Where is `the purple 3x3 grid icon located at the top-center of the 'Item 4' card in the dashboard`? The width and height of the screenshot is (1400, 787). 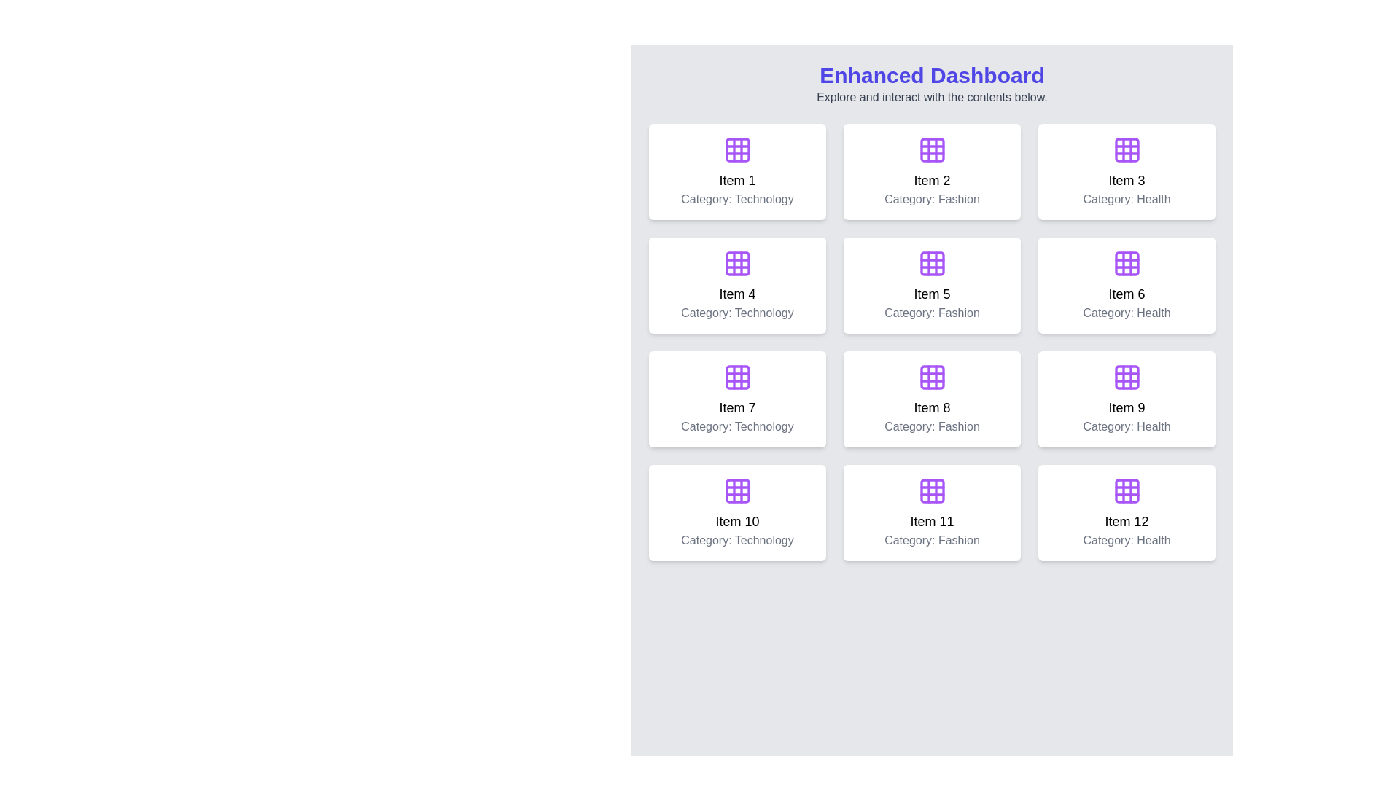
the purple 3x3 grid icon located at the top-center of the 'Item 4' card in the dashboard is located at coordinates (737, 264).